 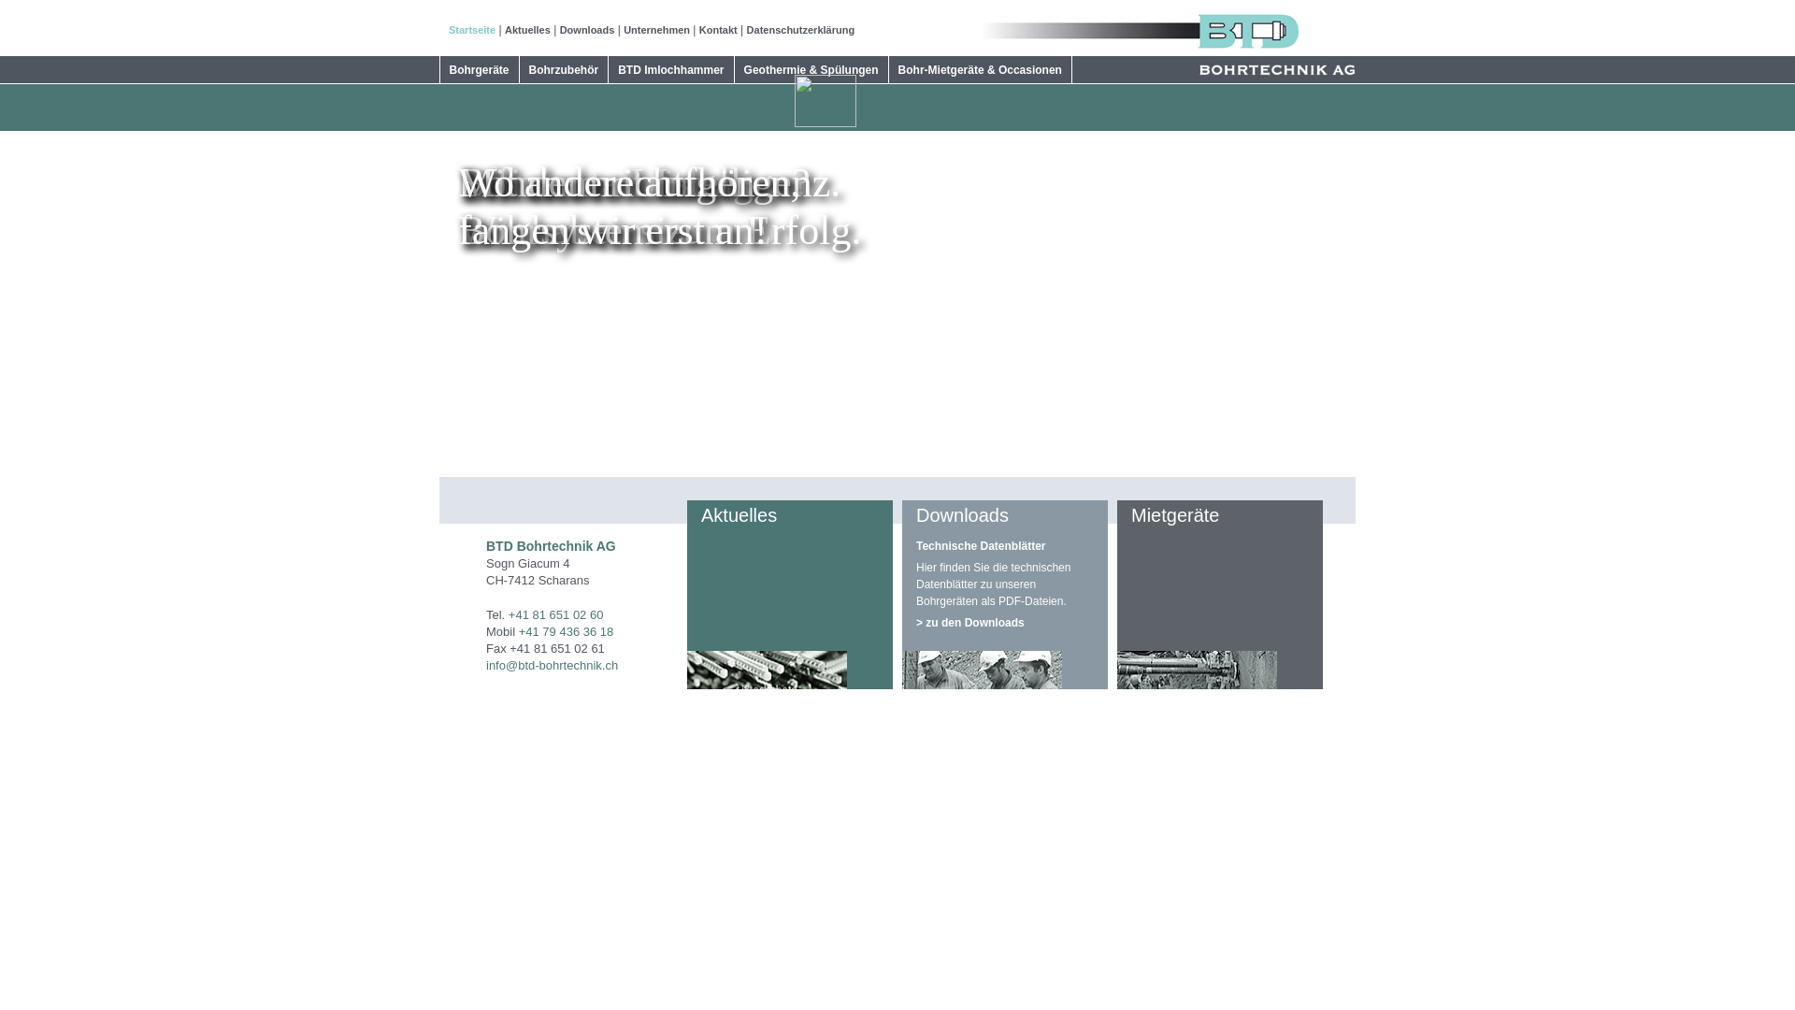 I want to click on 'Unternehmen', so click(x=656, y=29).